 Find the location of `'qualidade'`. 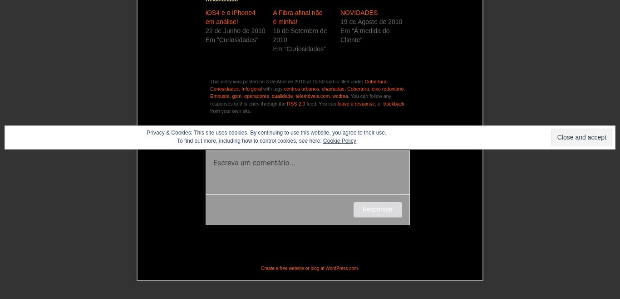

'qualidade' is located at coordinates (281, 95).